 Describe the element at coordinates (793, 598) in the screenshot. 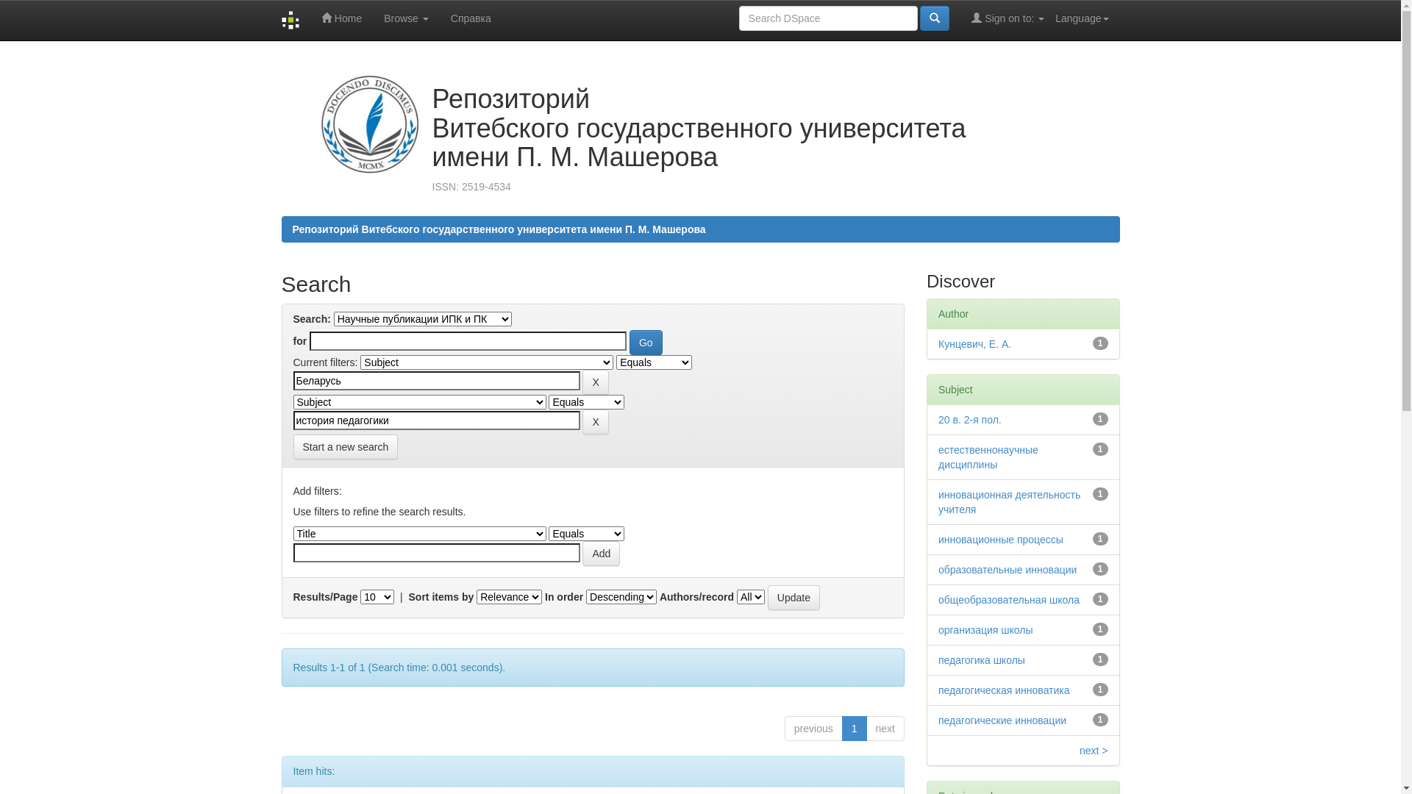

I see `'Update'` at that location.